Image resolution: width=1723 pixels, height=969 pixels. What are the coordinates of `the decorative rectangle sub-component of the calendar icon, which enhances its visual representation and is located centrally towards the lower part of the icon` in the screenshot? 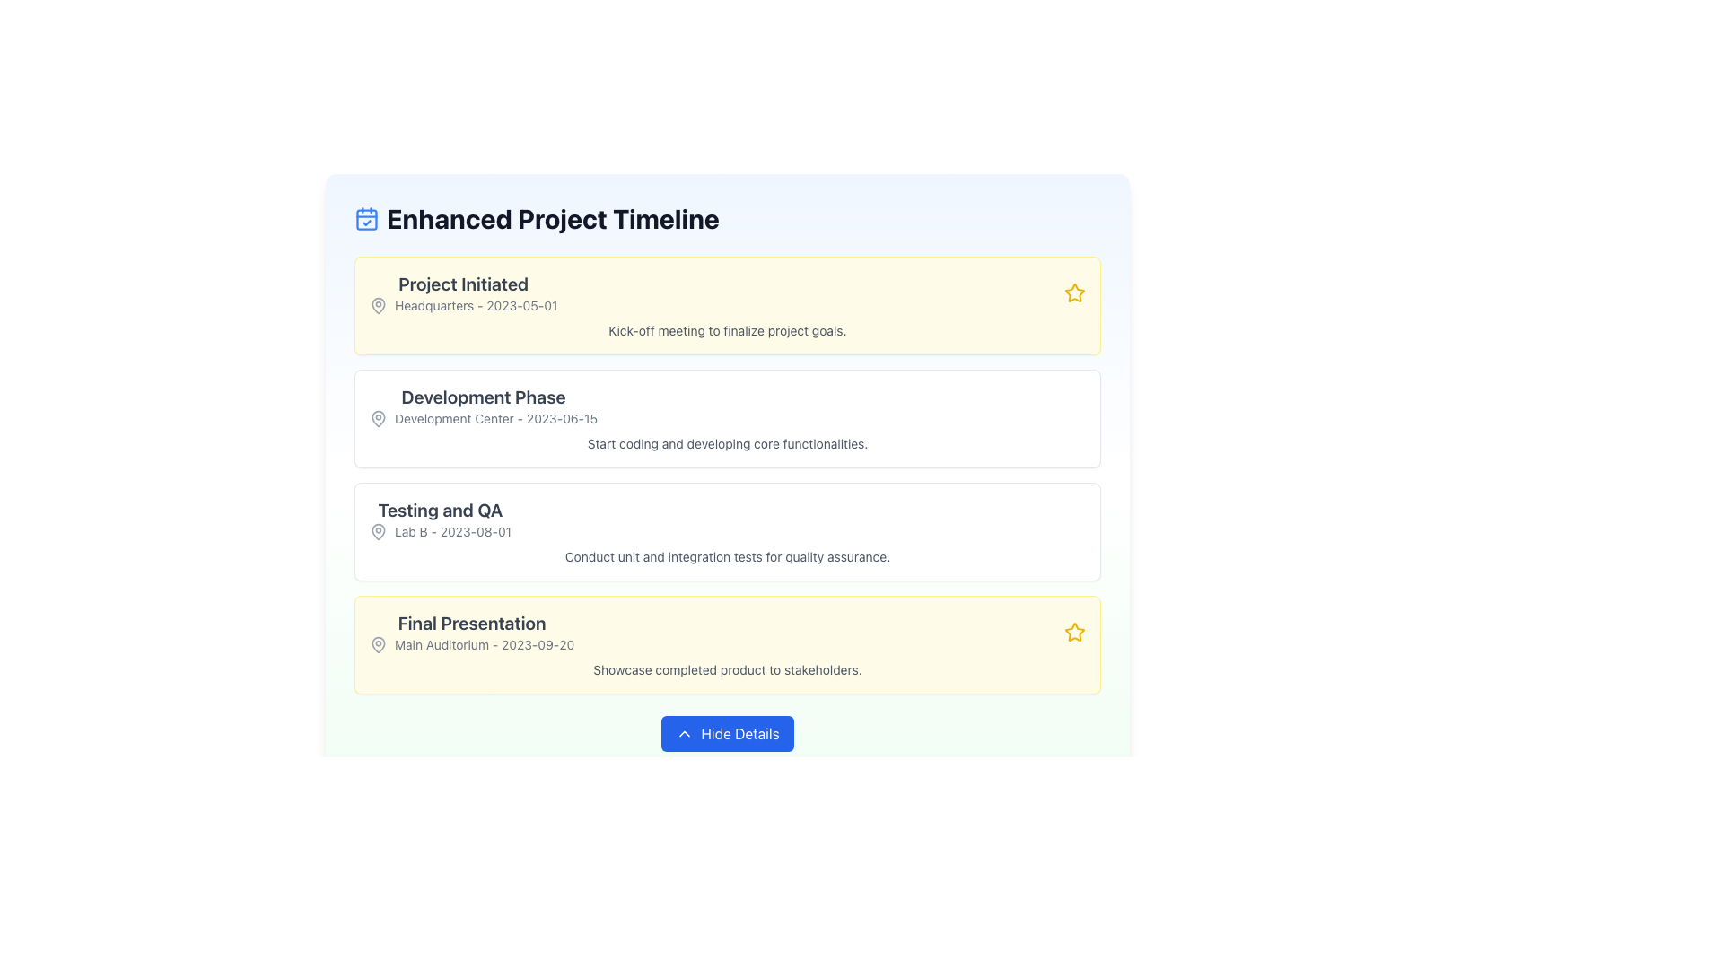 It's located at (365, 219).